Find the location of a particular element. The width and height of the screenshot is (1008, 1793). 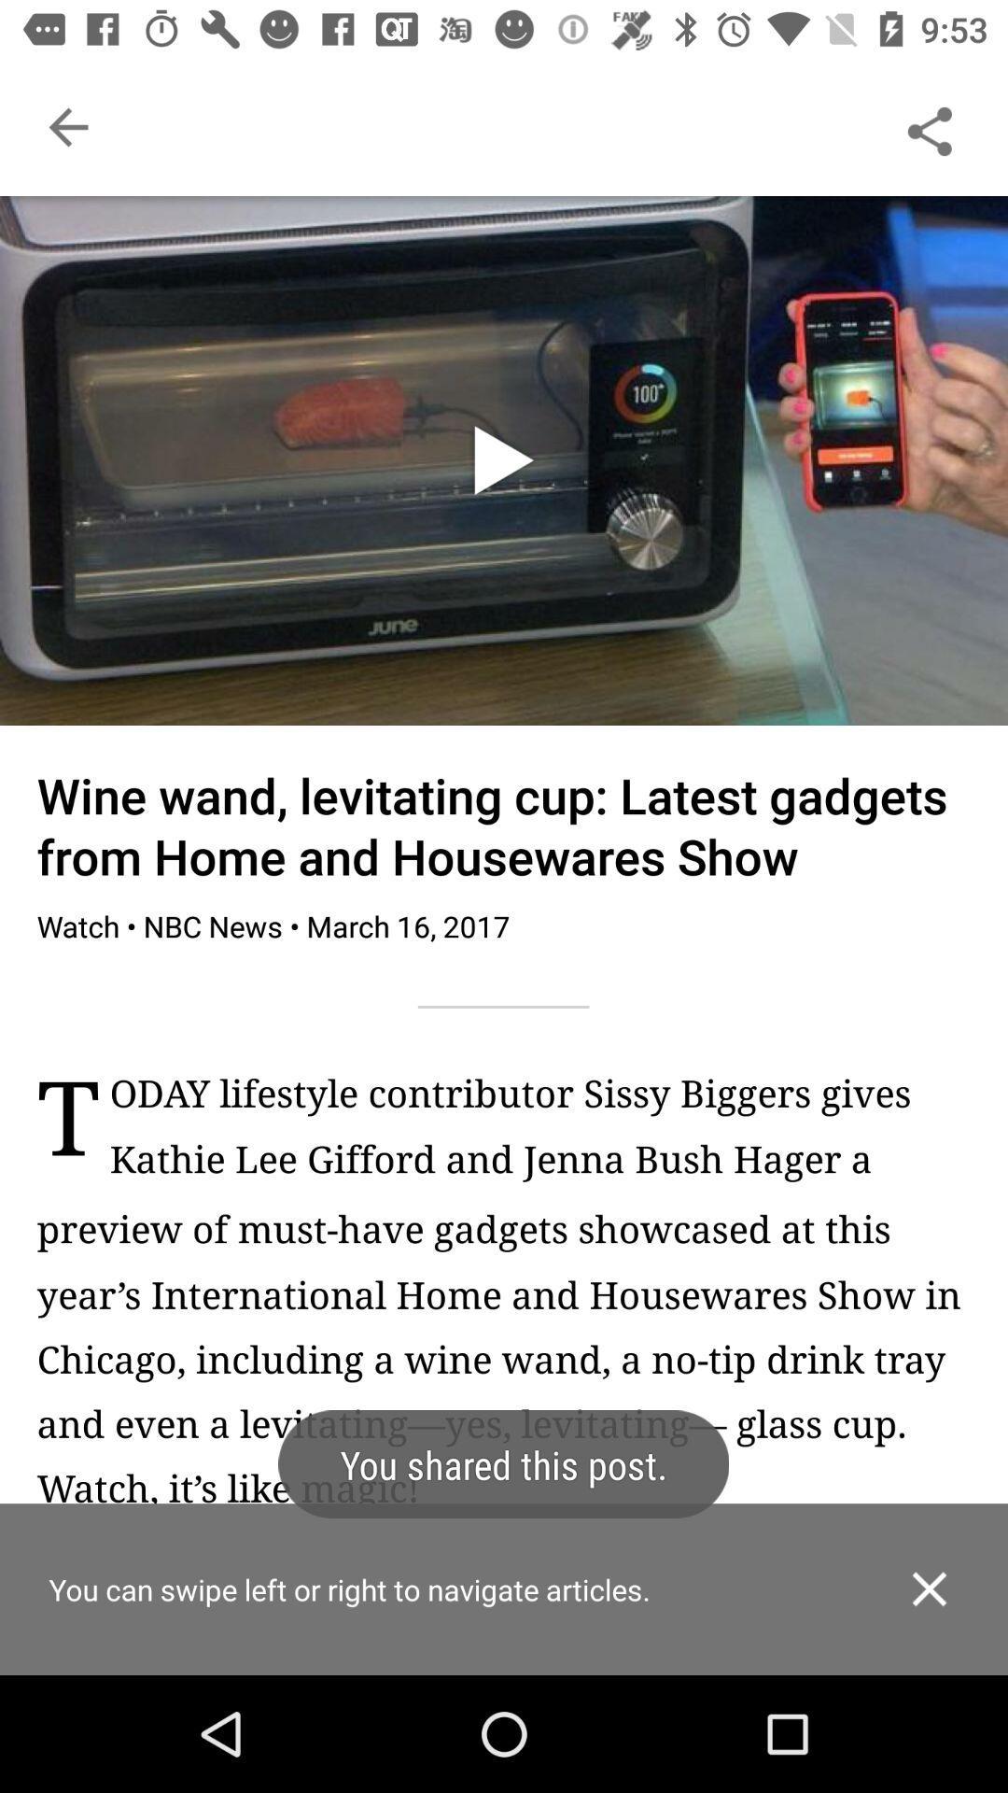

share the article is located at coordinates (929, 126).